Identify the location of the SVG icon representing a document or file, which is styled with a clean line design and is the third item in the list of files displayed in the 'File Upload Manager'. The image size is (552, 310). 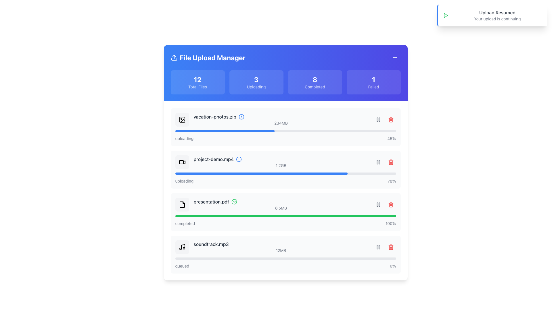
(182, 204).